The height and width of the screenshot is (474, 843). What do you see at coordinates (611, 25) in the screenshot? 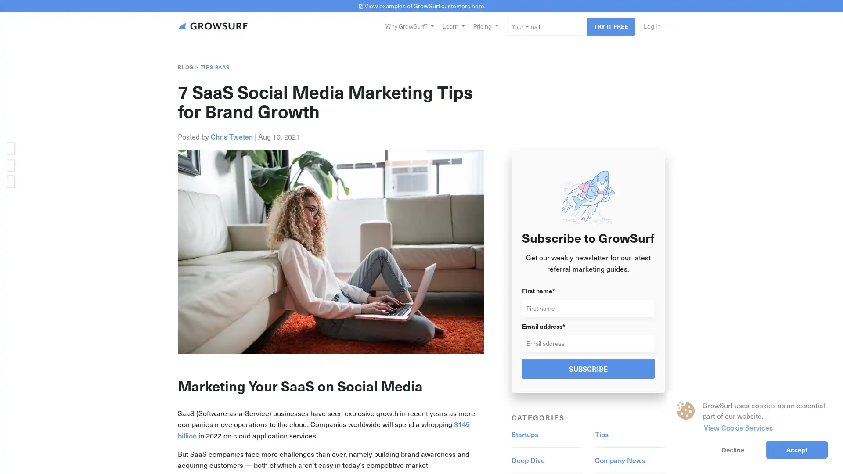
I see `TRY IT FREE` at bounding box center [611, 25].